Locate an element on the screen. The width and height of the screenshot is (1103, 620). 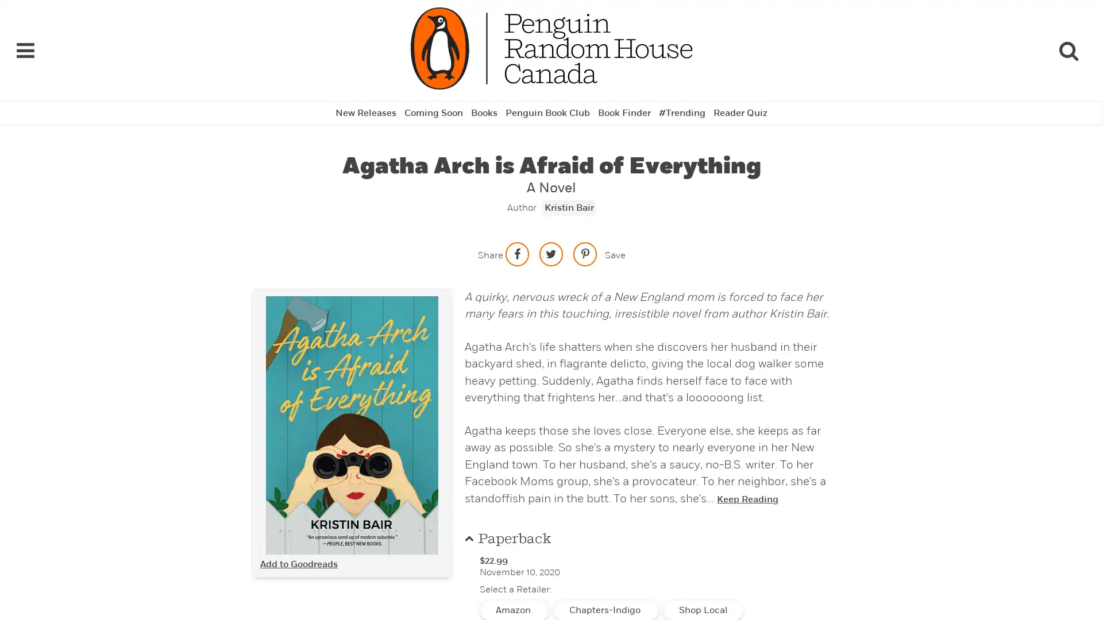
Amazon is located at coordinates (514, 571).